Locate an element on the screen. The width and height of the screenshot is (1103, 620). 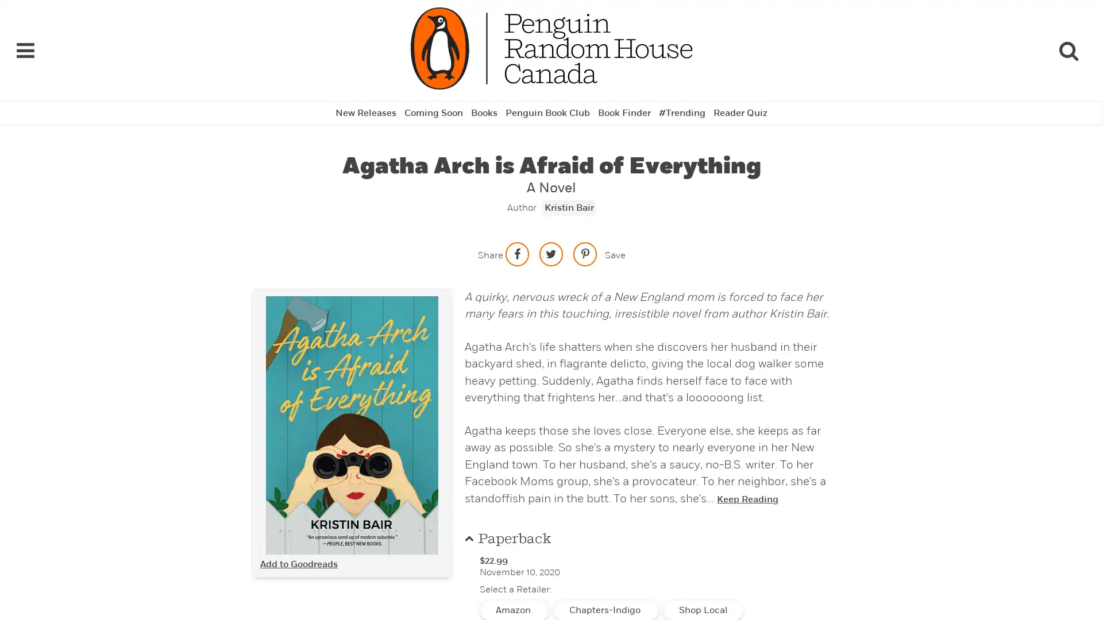
Amazon is located at coordinates (514, 571).